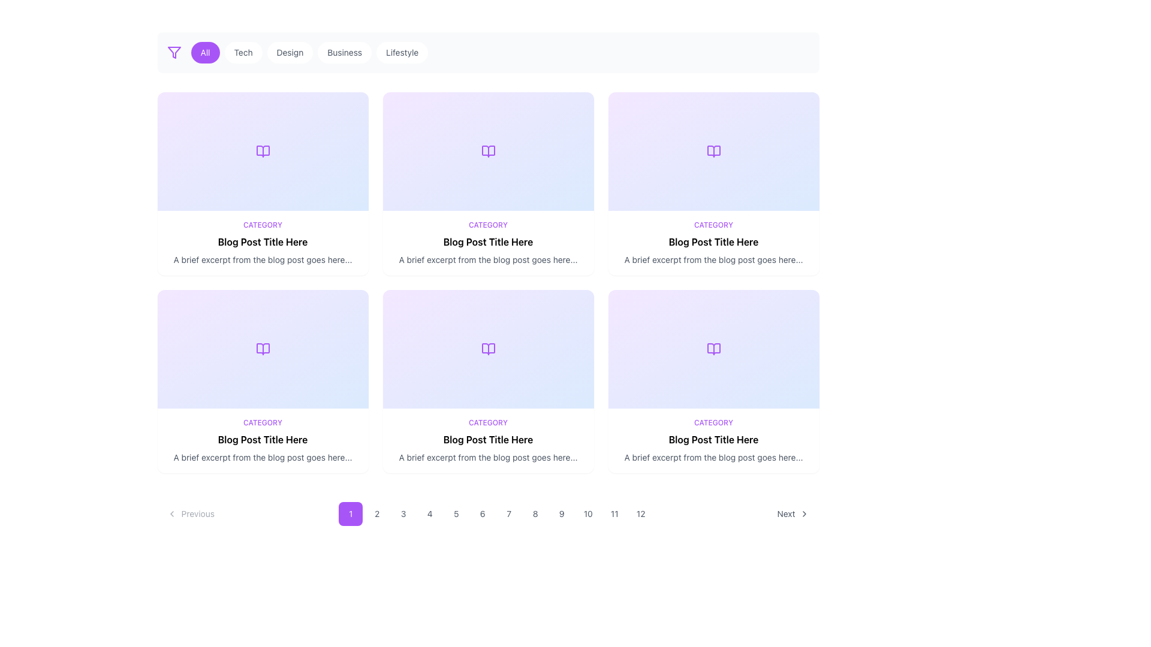 The image size is (1151, 647). What do you see at coordinates (488, 151) in the screenshot?
I see `the purple book icon styled in a vector graphic with rounded edges located in the center of the second card on the top row of the blog post grid` at bounding box center [488, 151].